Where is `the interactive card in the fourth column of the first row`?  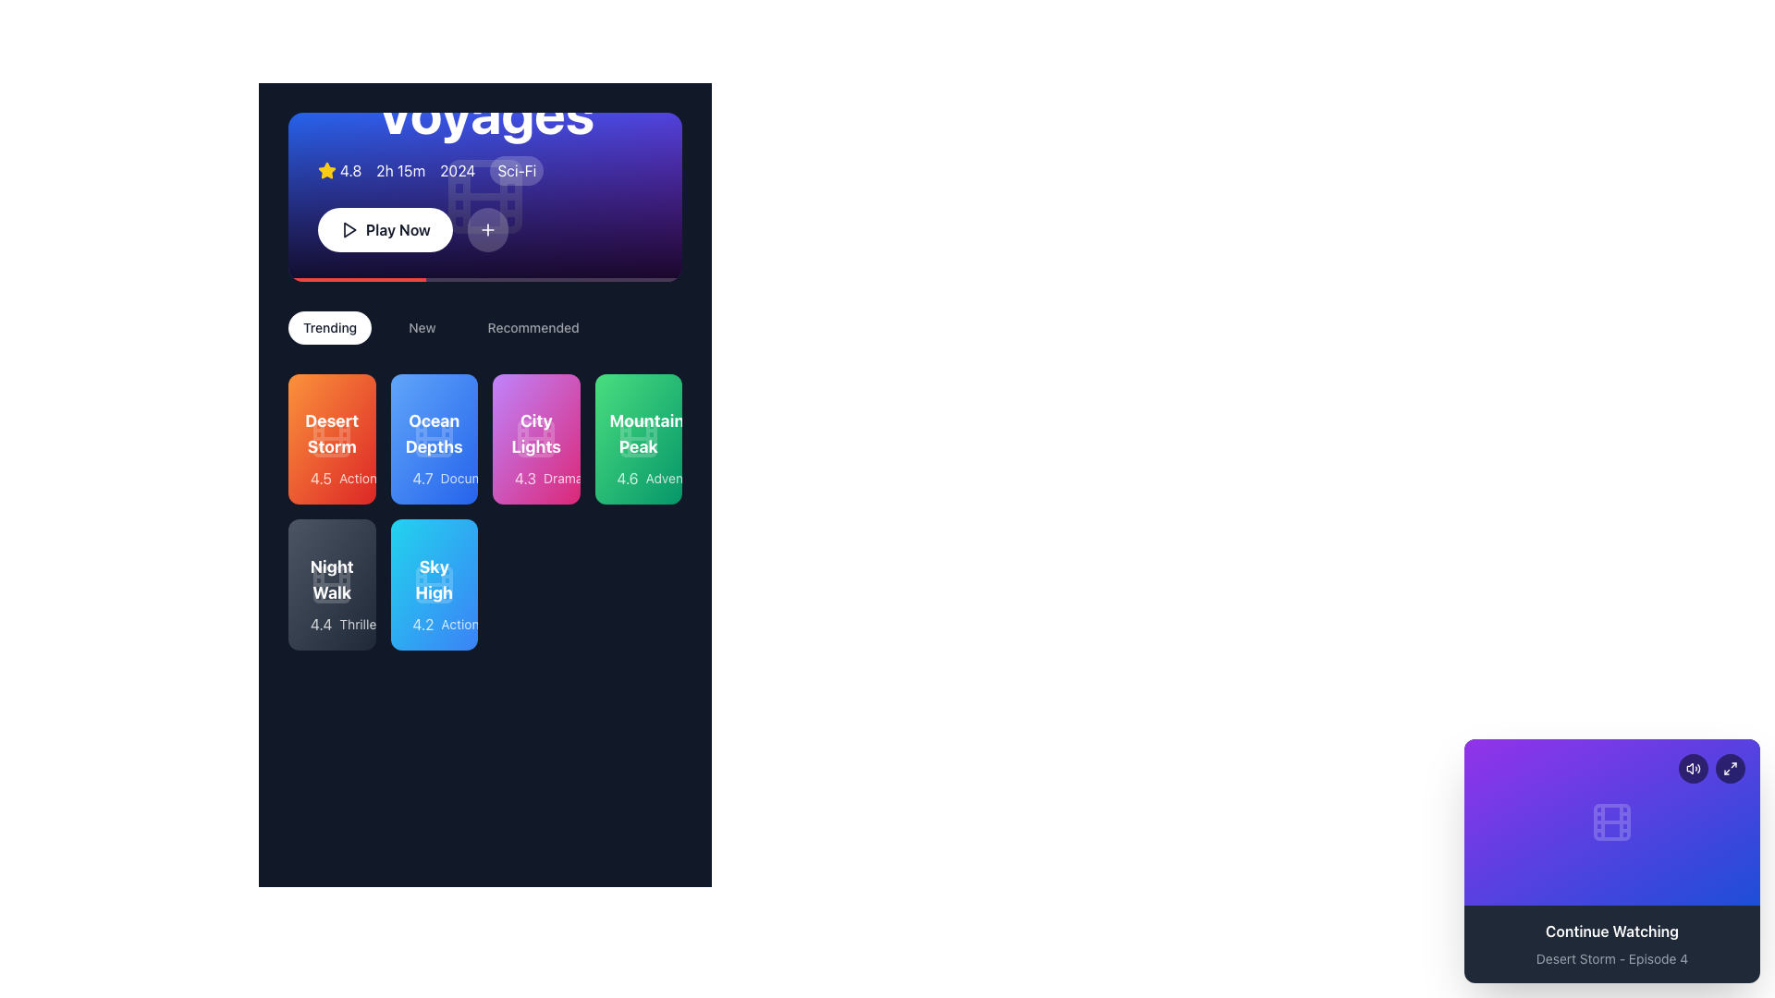
the interactive card in the fourth column of the first row is located at coordinates (638, 439).